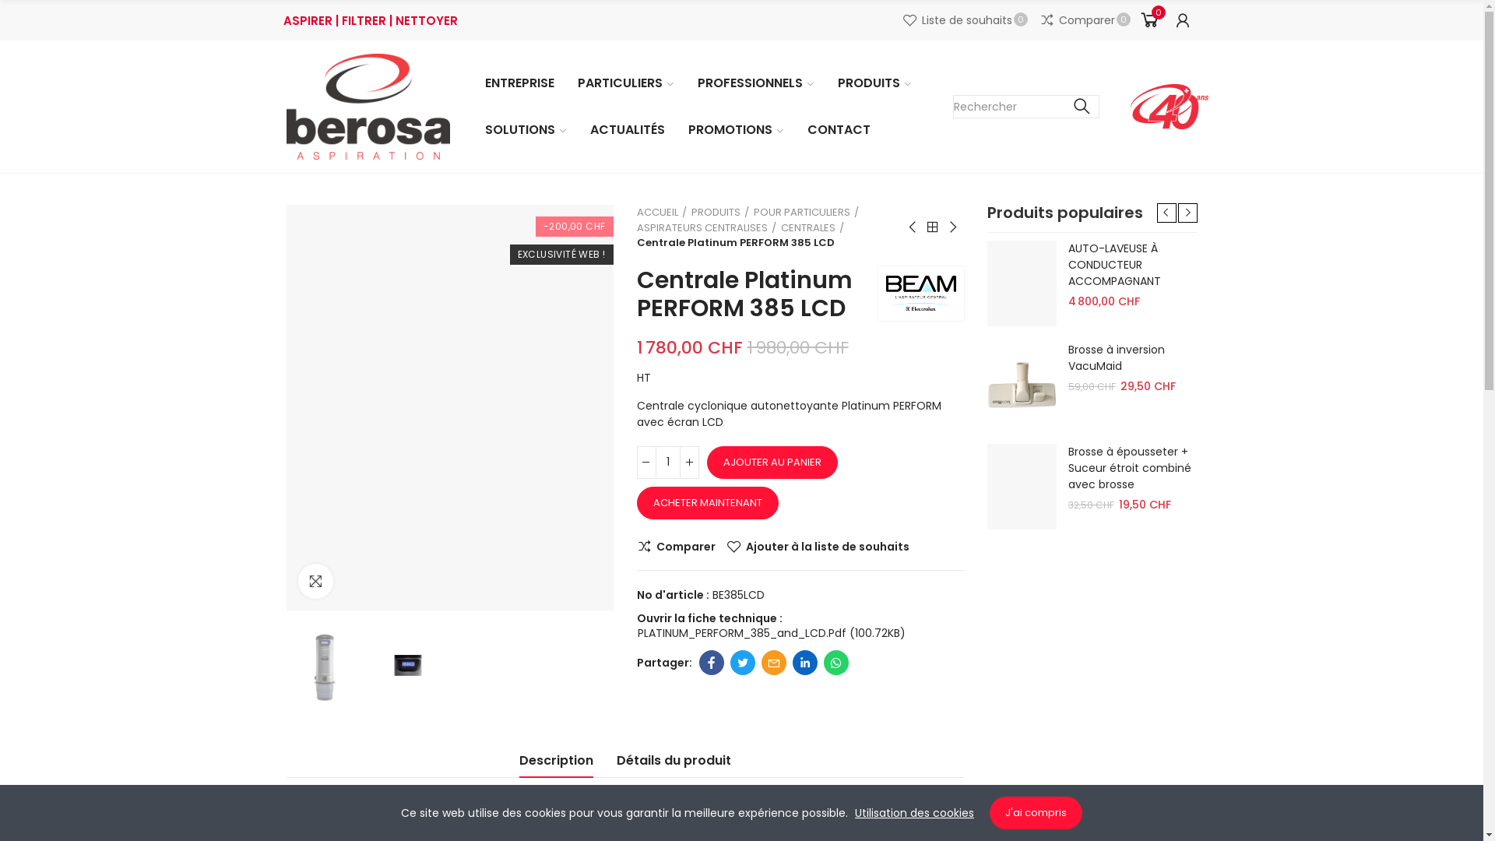 This screenshot has width=1495, height=841. What do you see at coordinates (772, 462) in the screenshot?
I see `'AJOUTER AU PANIER'` at bounding box center [772, 462].